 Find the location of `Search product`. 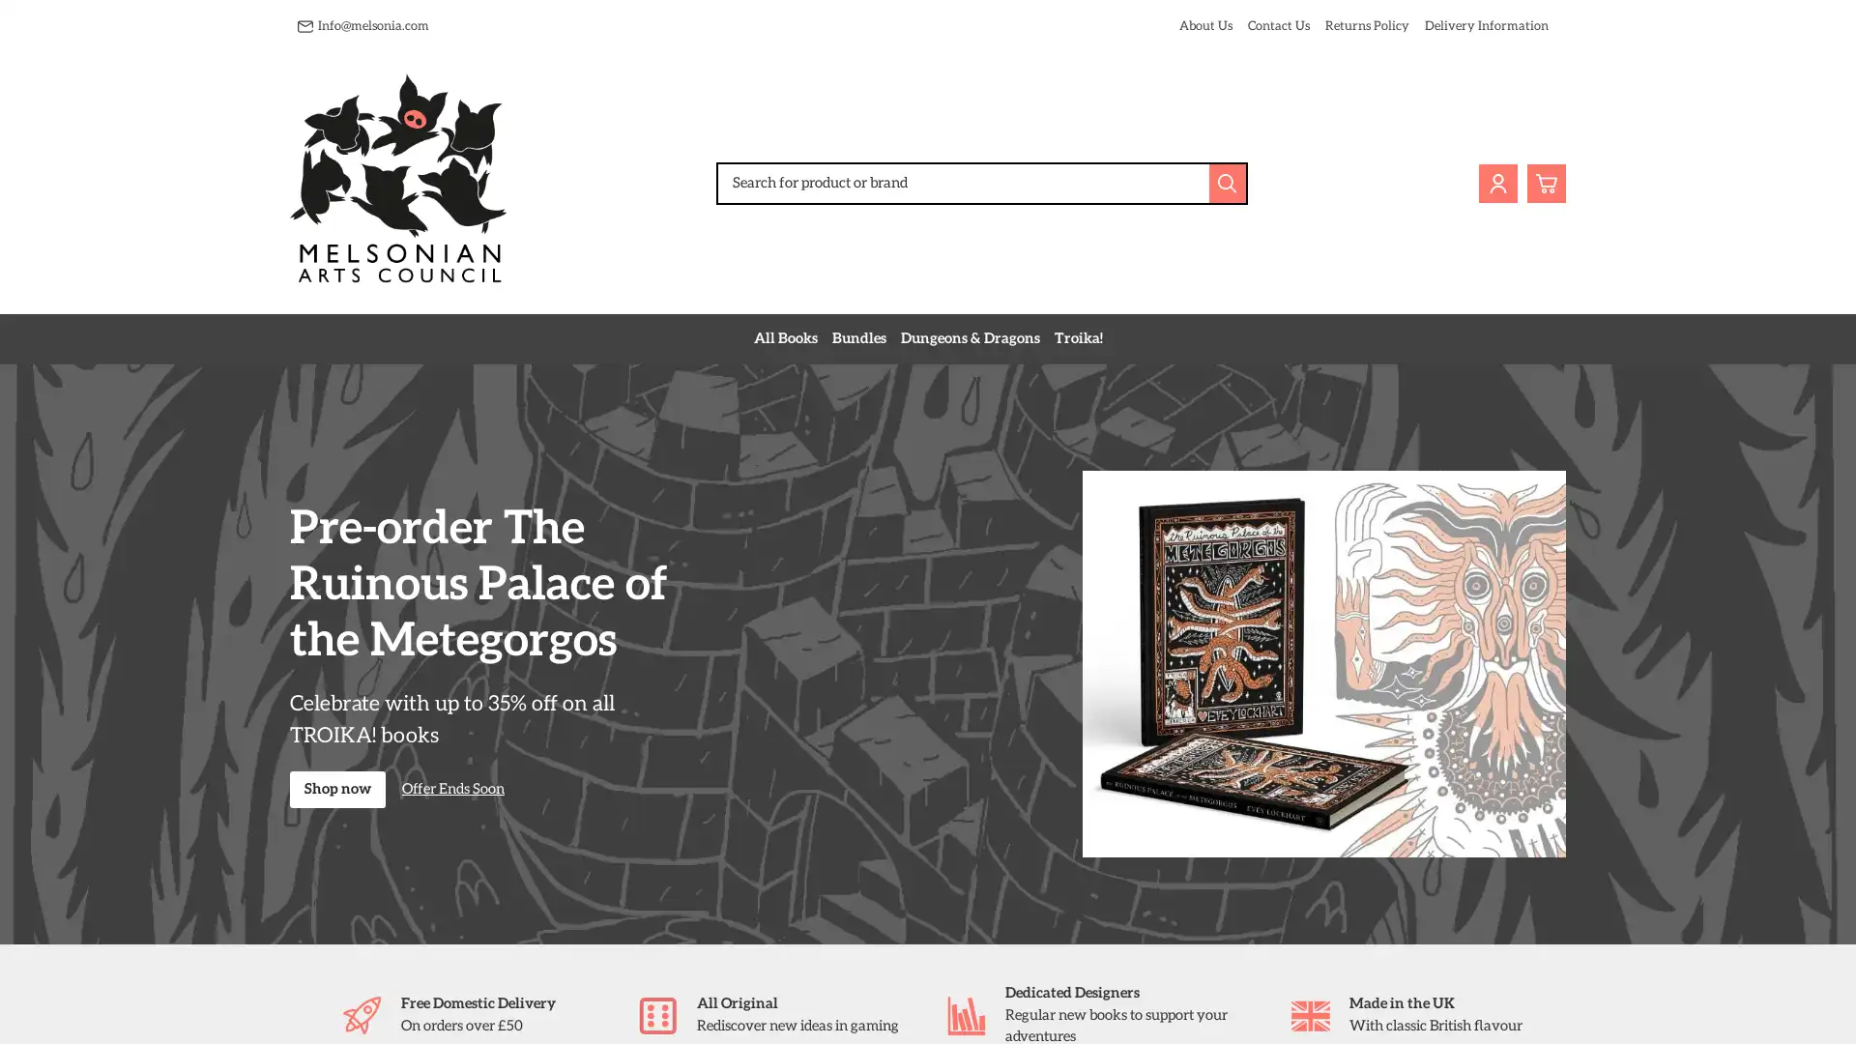

Search product is located at coordinates (1228, 183).